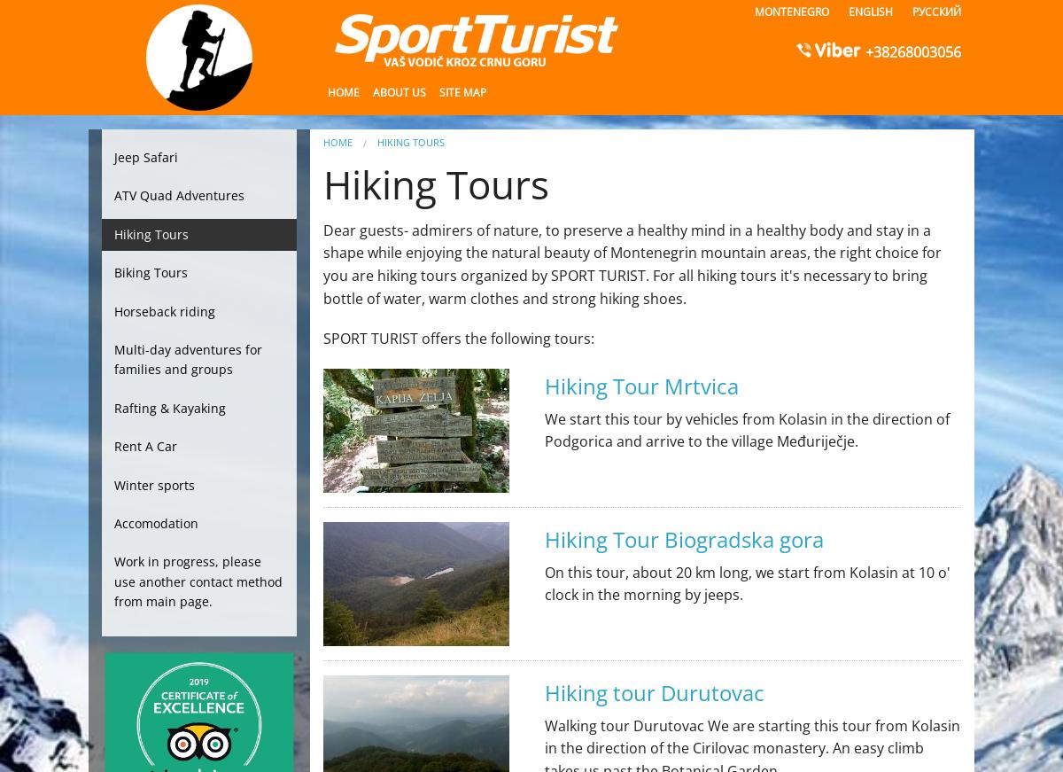 Image resolution: width=1063 pixels, height=772 pixels. Describe the element at coordinates (178, 195) in the screenshot. I see `'ATV Quad Adventures'` at that location.